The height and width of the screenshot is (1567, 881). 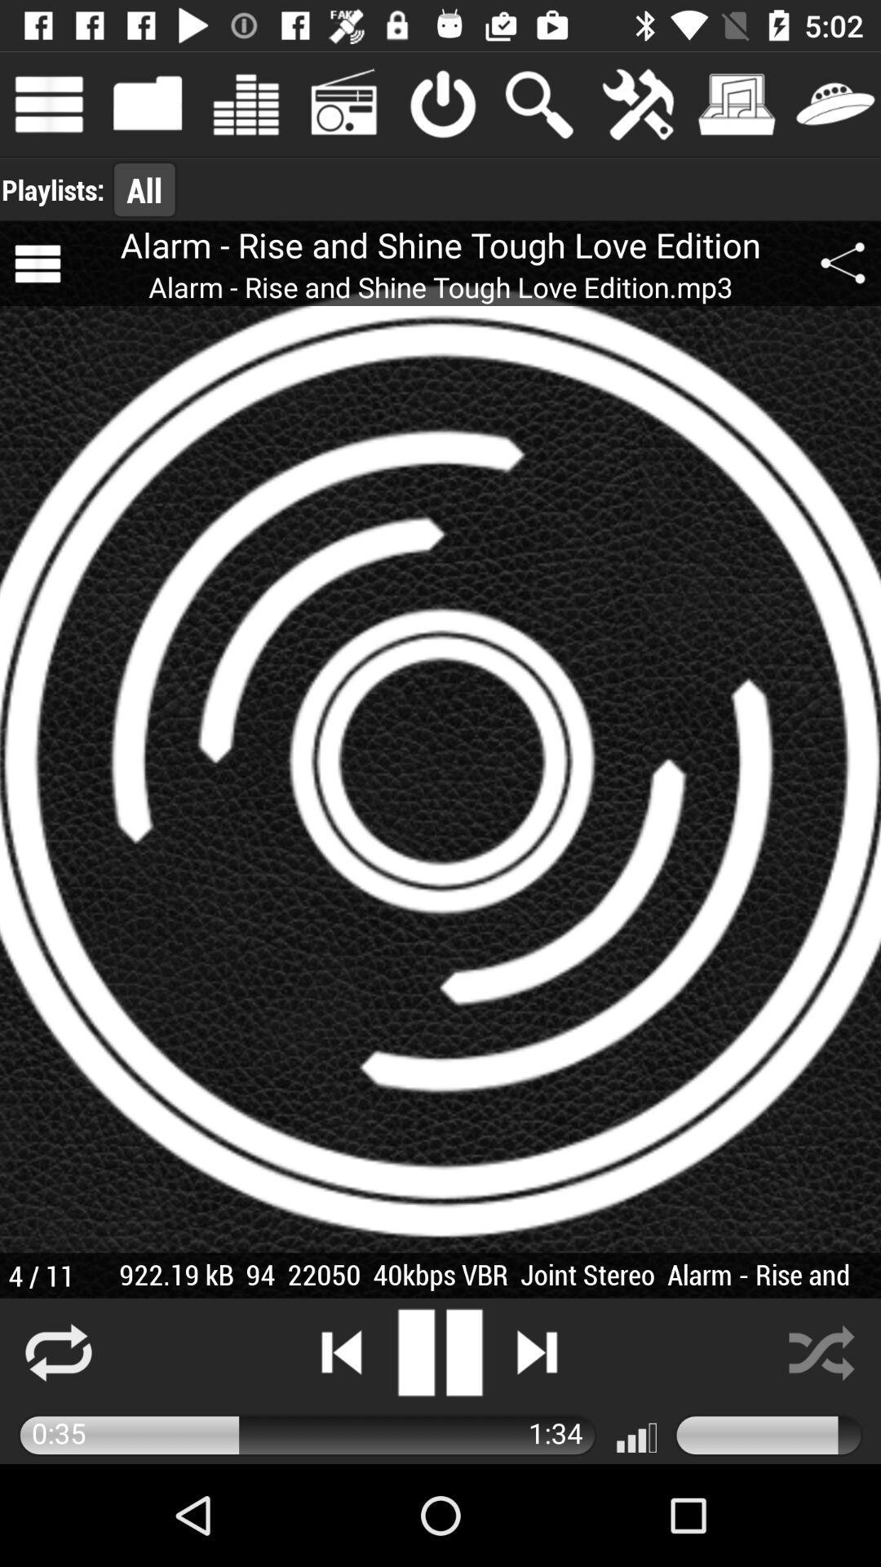 What do you see at coordinates (48, 103) in the screenshot?
I see `the menu icon` at bounding box center [48, 103].